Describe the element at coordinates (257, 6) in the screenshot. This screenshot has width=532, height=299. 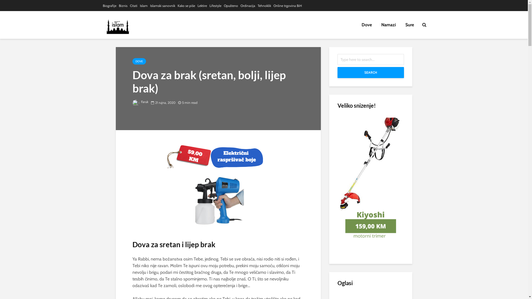
I see `'Tehnoklik'` at that location.